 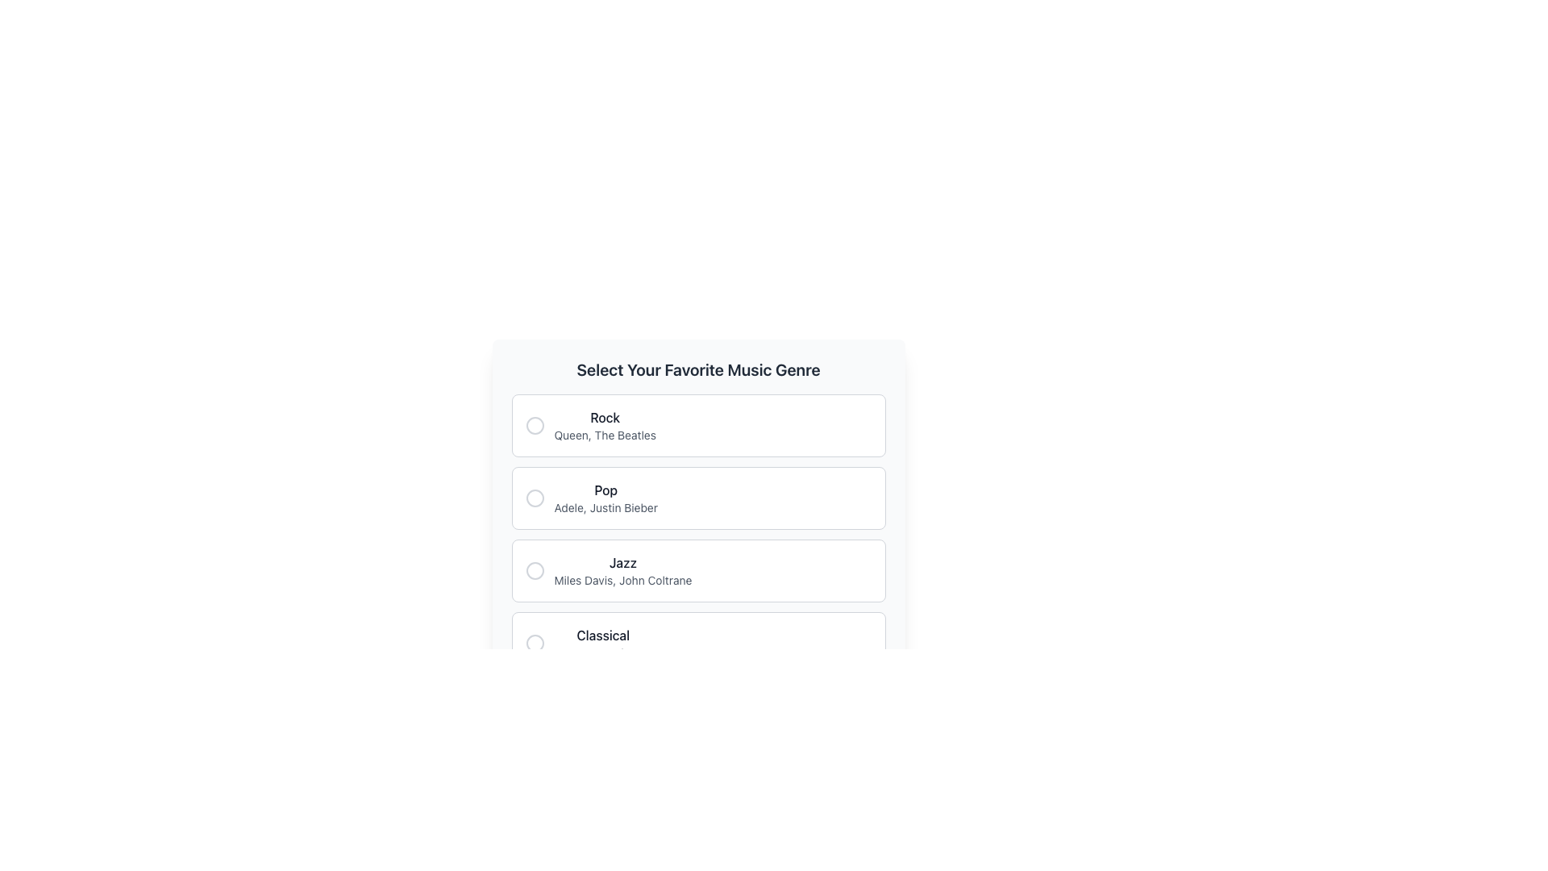 What do you see at coordinates (589, 425) in the screenshot?
I see `the radio button labeled 'Rock' with descriptive text 'Queen, The Beatles'` at bounding box center [589, 425].